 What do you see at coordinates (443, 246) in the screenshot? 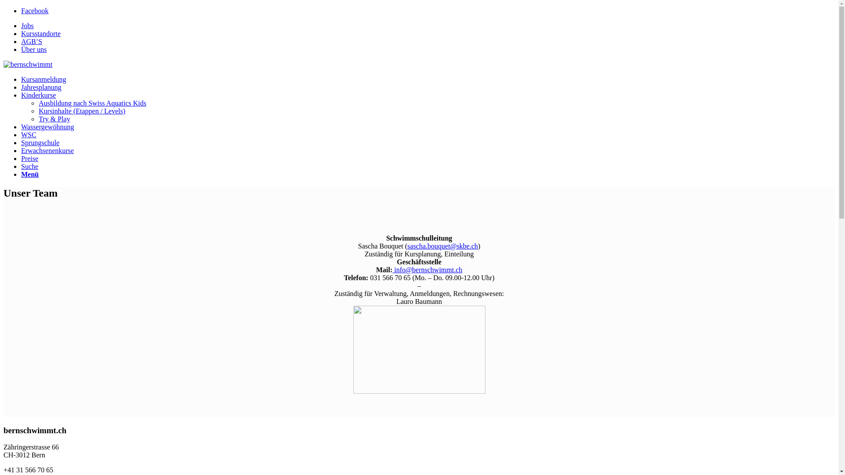
I see `'sascha.bouquet@skbe.ch'` at bounding box center [443, 246].